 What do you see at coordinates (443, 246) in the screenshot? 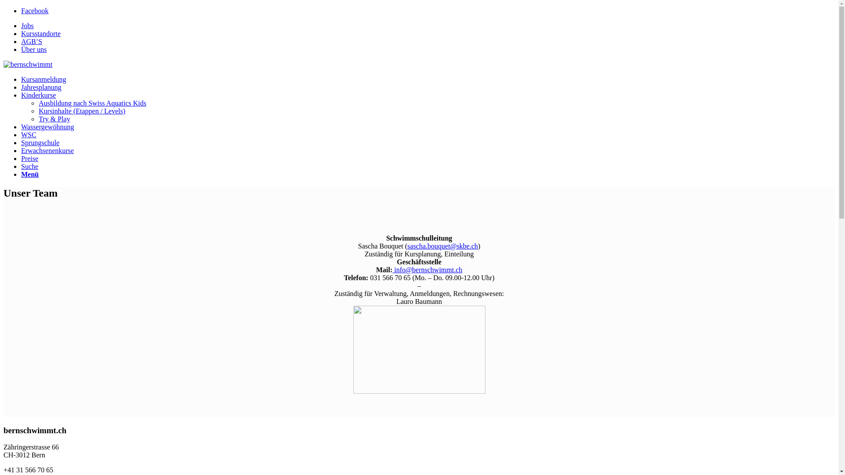
I see `'sascha.bouquet@skbe.ch'` at bounding box center [443, 246].